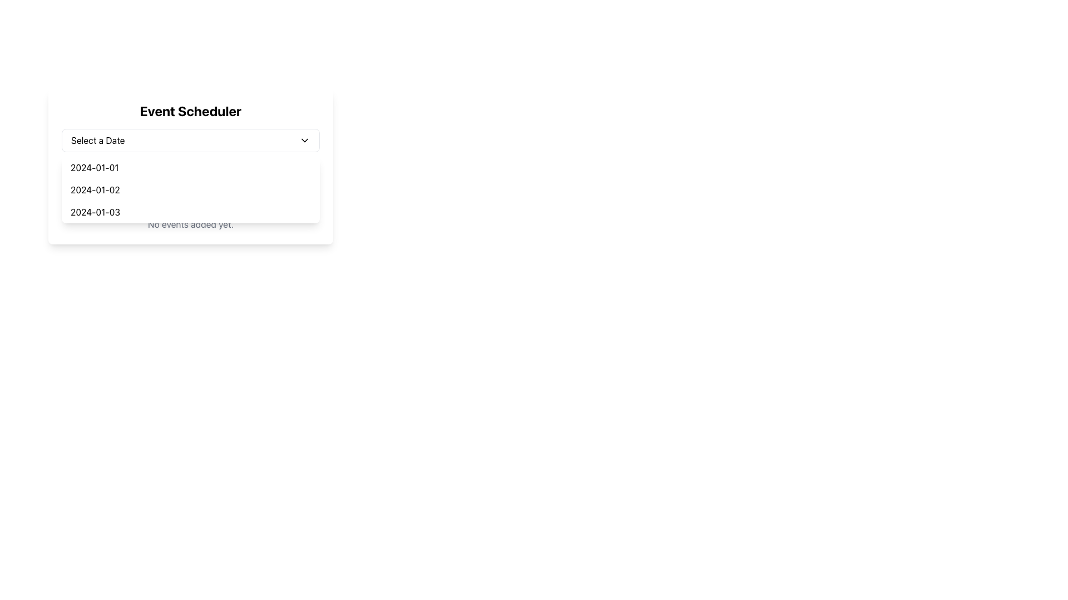  What do you see at coordinates (190, 212) in the screenshot?
I see `the list item displaying '2024-01-03' in the dropdown menu` at bounding box center [190, 212].